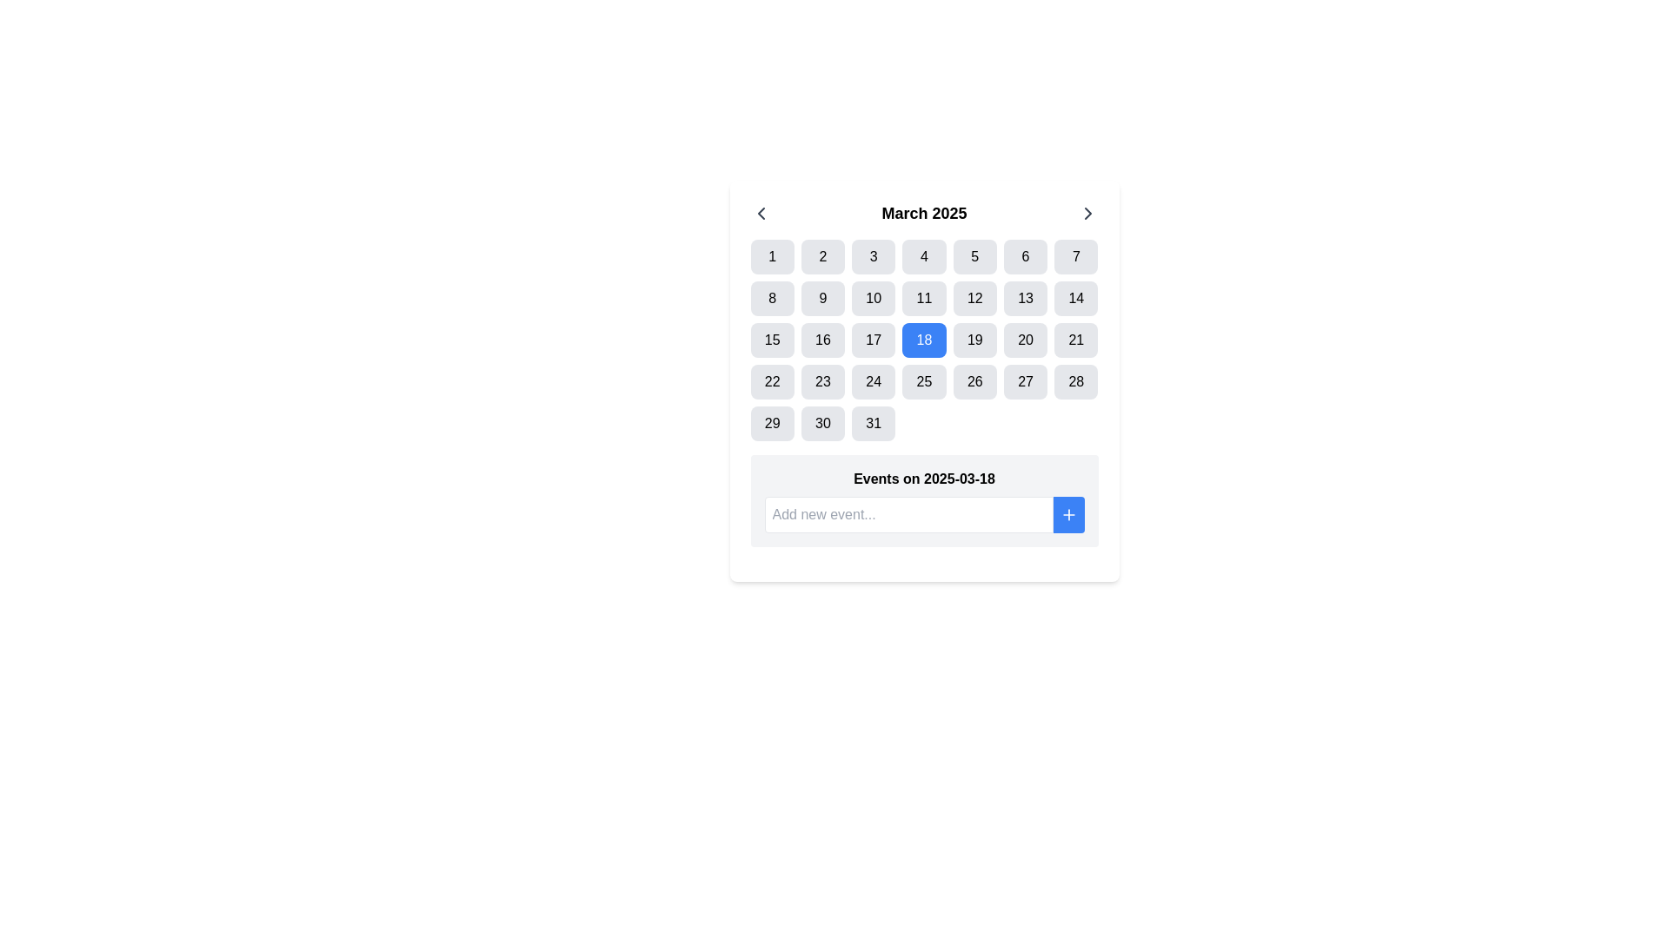 This screenshot has height=938, width=1669. Describe the element at coordinates (874, 297) in the screenshot. I see `the button displaying the number '10'` at that location.